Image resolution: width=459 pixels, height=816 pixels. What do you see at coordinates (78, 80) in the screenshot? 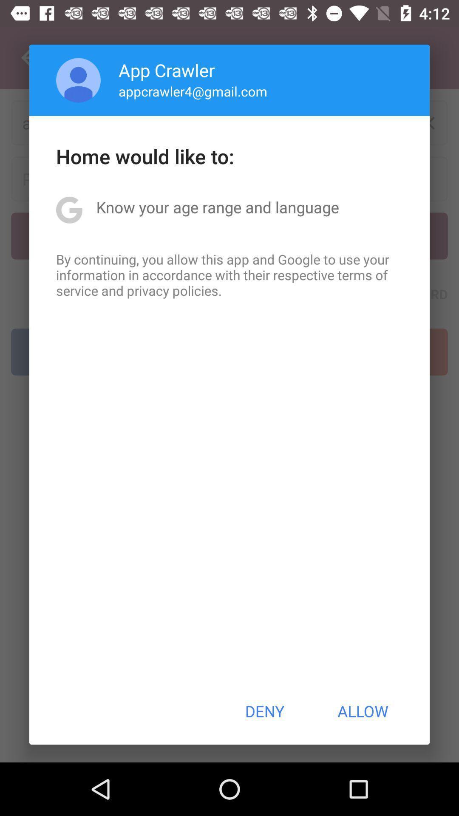
I see `app next to app crawler icon` at bounding box center [78, 80].